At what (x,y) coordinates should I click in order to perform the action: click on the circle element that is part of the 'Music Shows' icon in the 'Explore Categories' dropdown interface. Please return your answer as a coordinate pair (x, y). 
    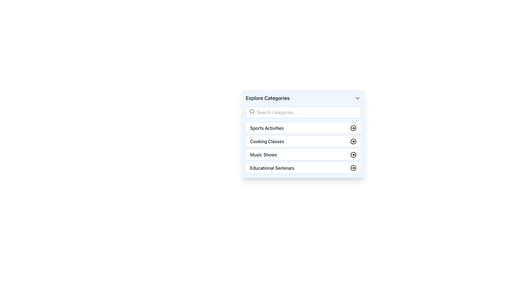
    Looking at the image, I should click on (353, 155).